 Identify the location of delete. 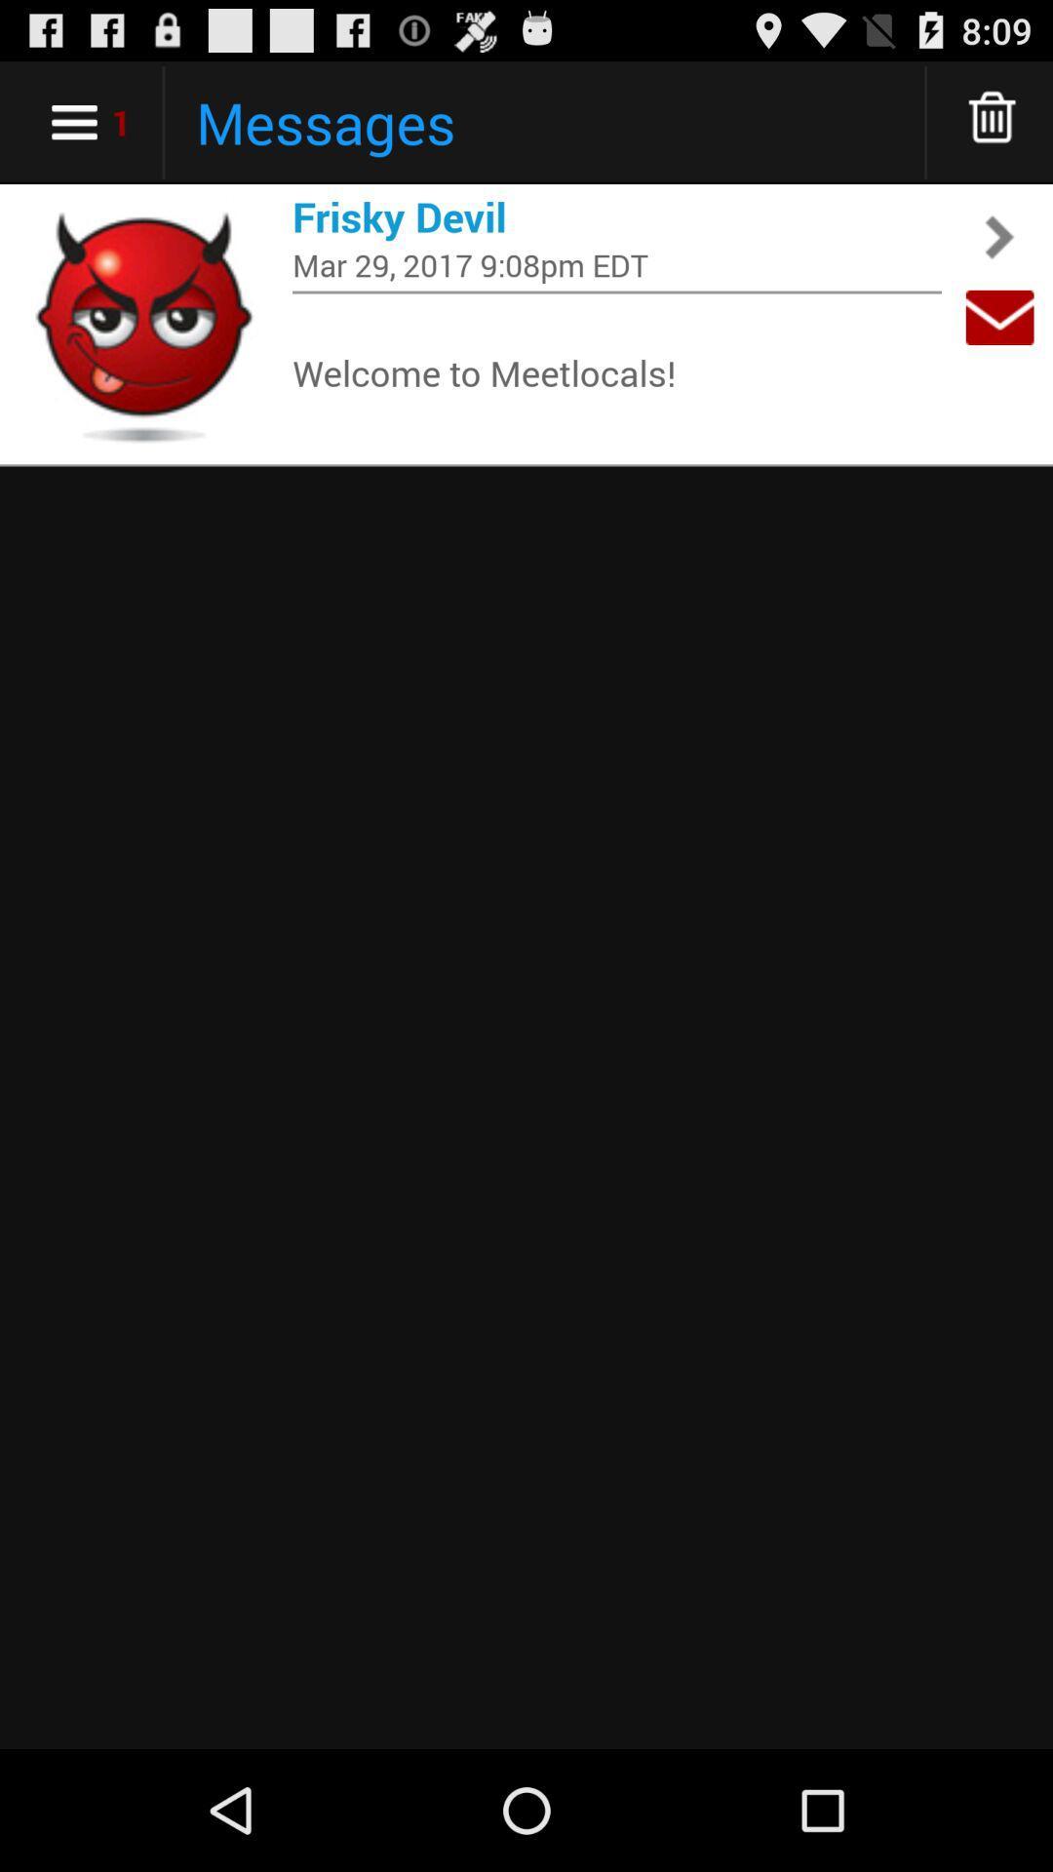
(993, 121).